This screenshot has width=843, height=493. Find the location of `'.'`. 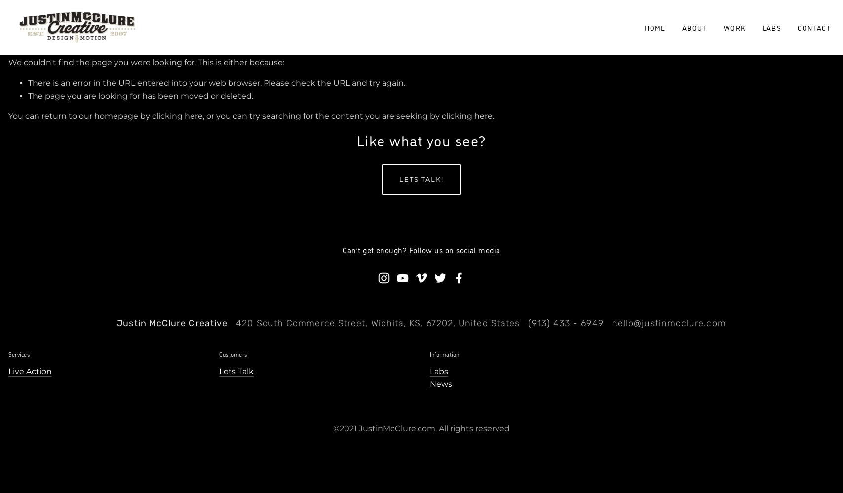

'.' is located at coordinates (492, 115).